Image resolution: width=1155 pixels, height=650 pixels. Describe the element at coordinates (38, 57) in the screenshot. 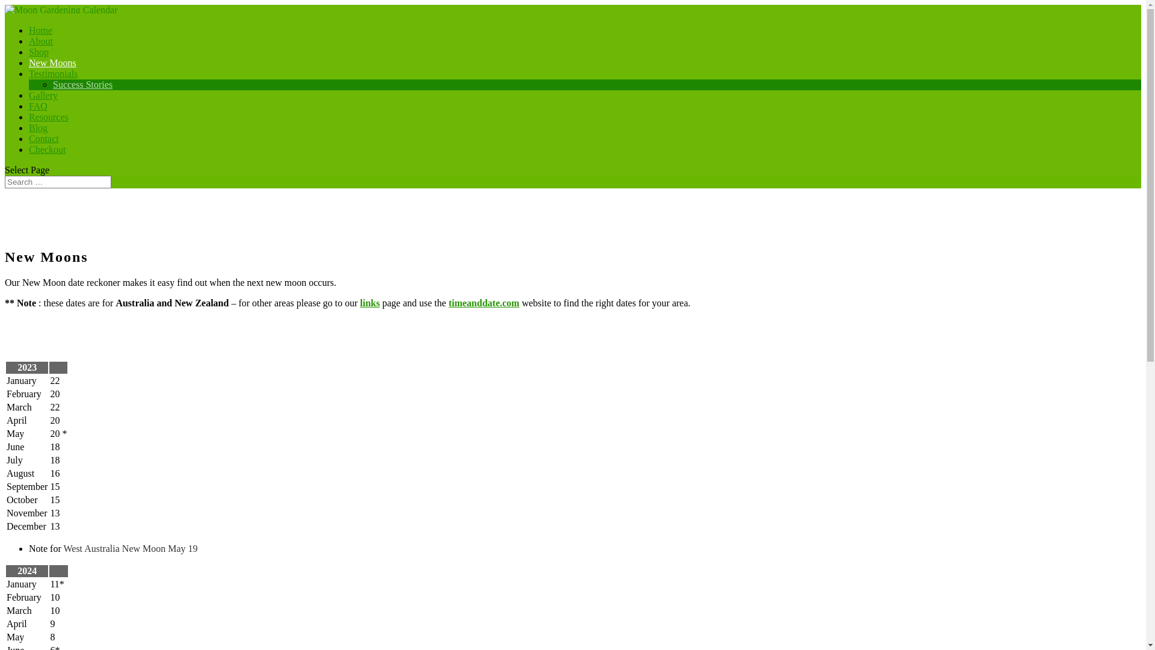

I see `'Shop'` at that location.